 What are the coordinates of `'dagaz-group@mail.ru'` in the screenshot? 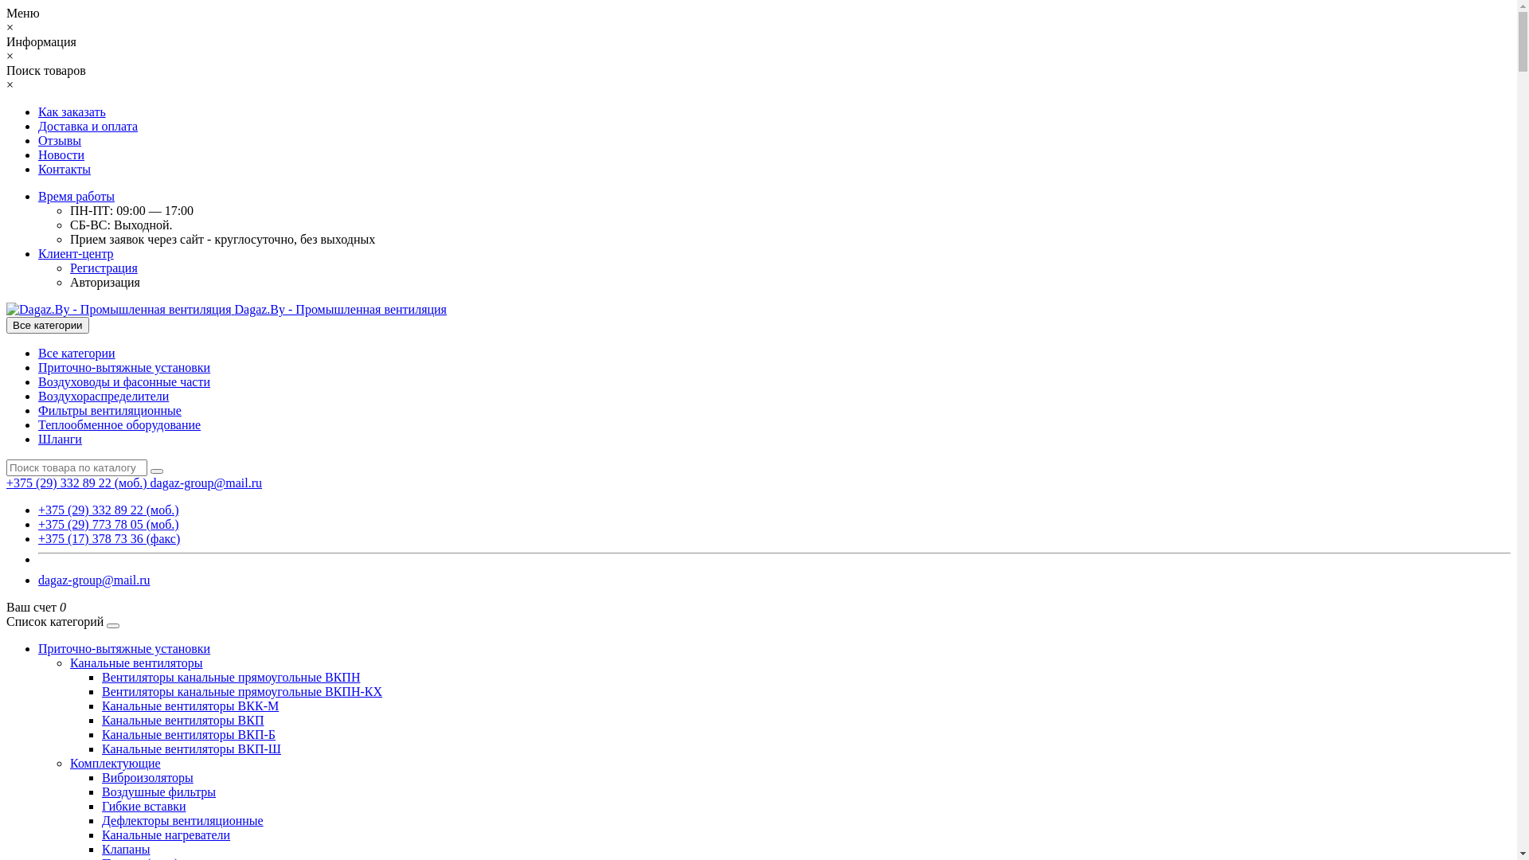 It's located at (205, 482).